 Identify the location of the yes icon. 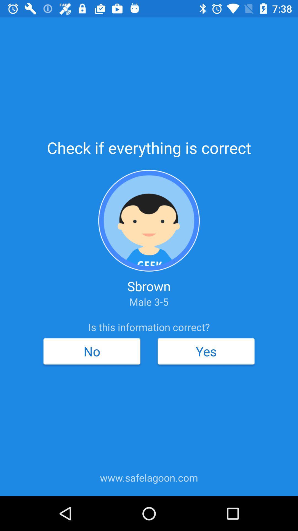
(206, 351).